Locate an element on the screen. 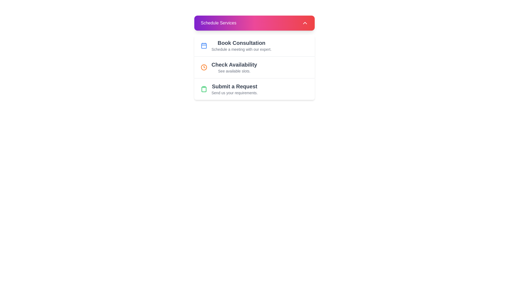 The width and height of the screenshot is (516, 290). the green-colored clipboard icon in the 'Schedule Services' dropdown, located to the left of 'Submit a Request' is located at coordinates (203, 89).